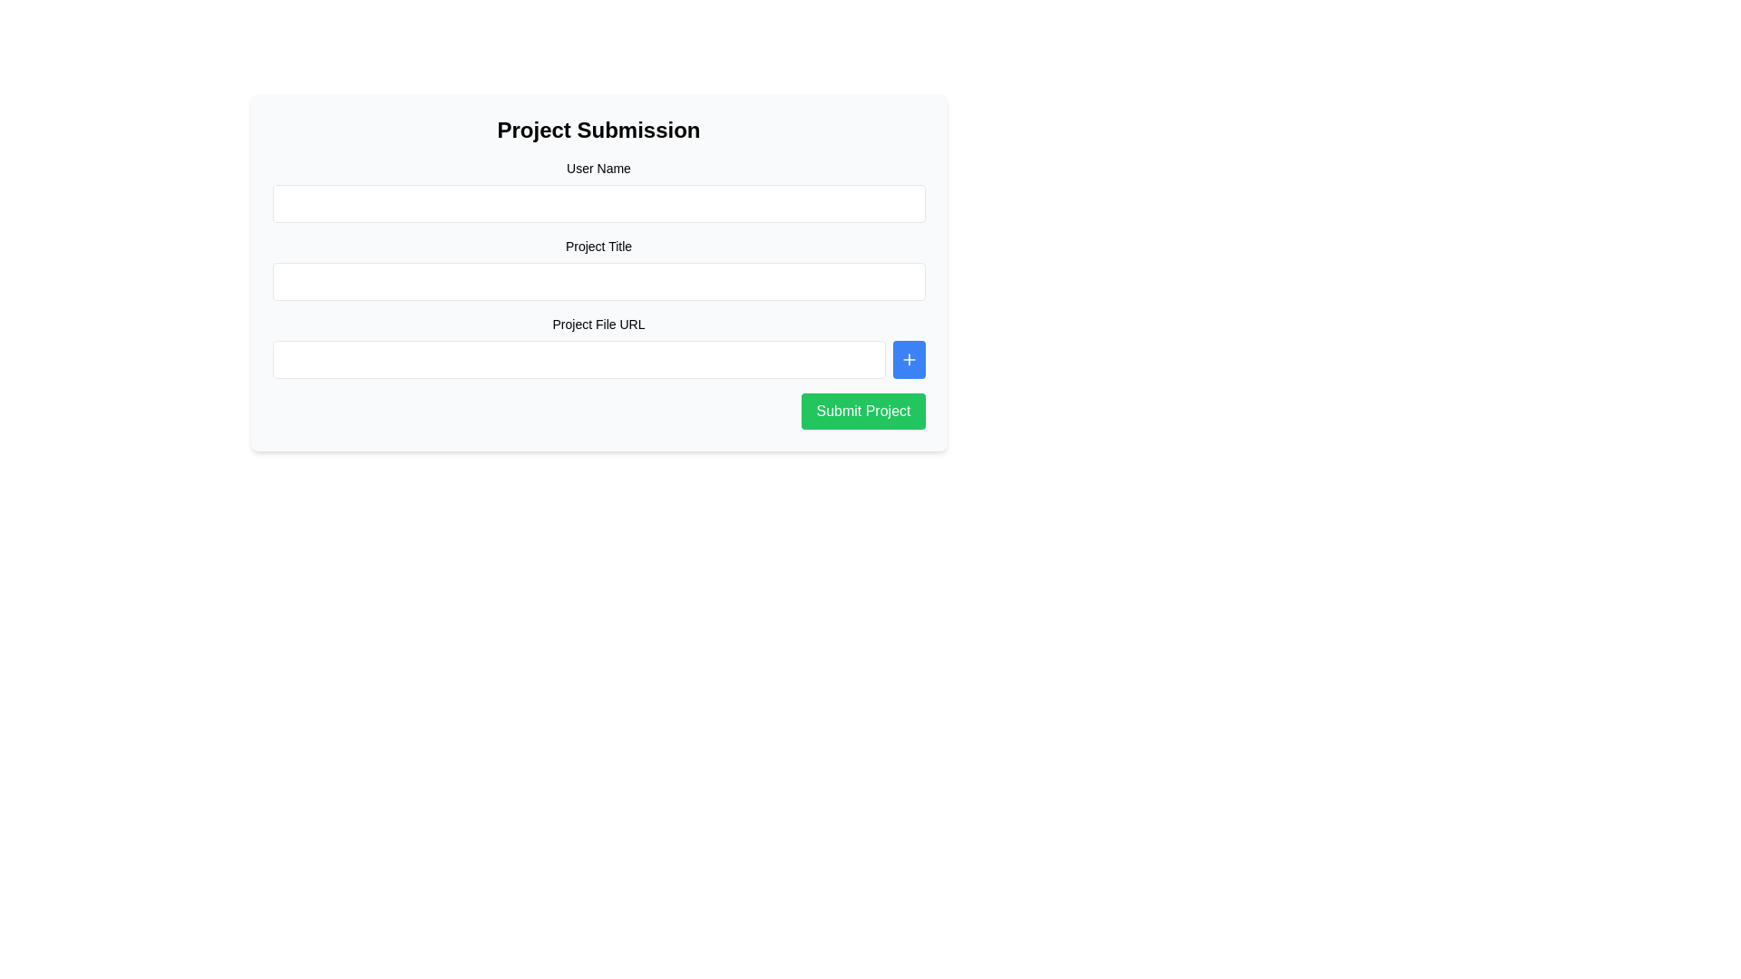  Describe the element at coordinates (598, 247) in the screenshot. I see `the text label that describes the purpose of the input field for project title entry in the 'Project Submission' form` at that location.